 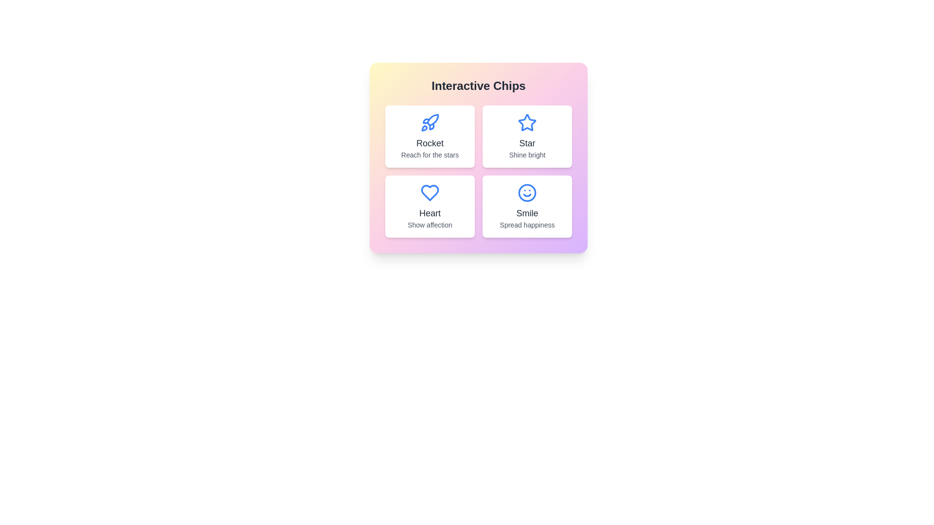 What do you see at coordinates (429, 206) in the screenshot?
I see `the chip labeled Heart` at bounding box center [429, 206].